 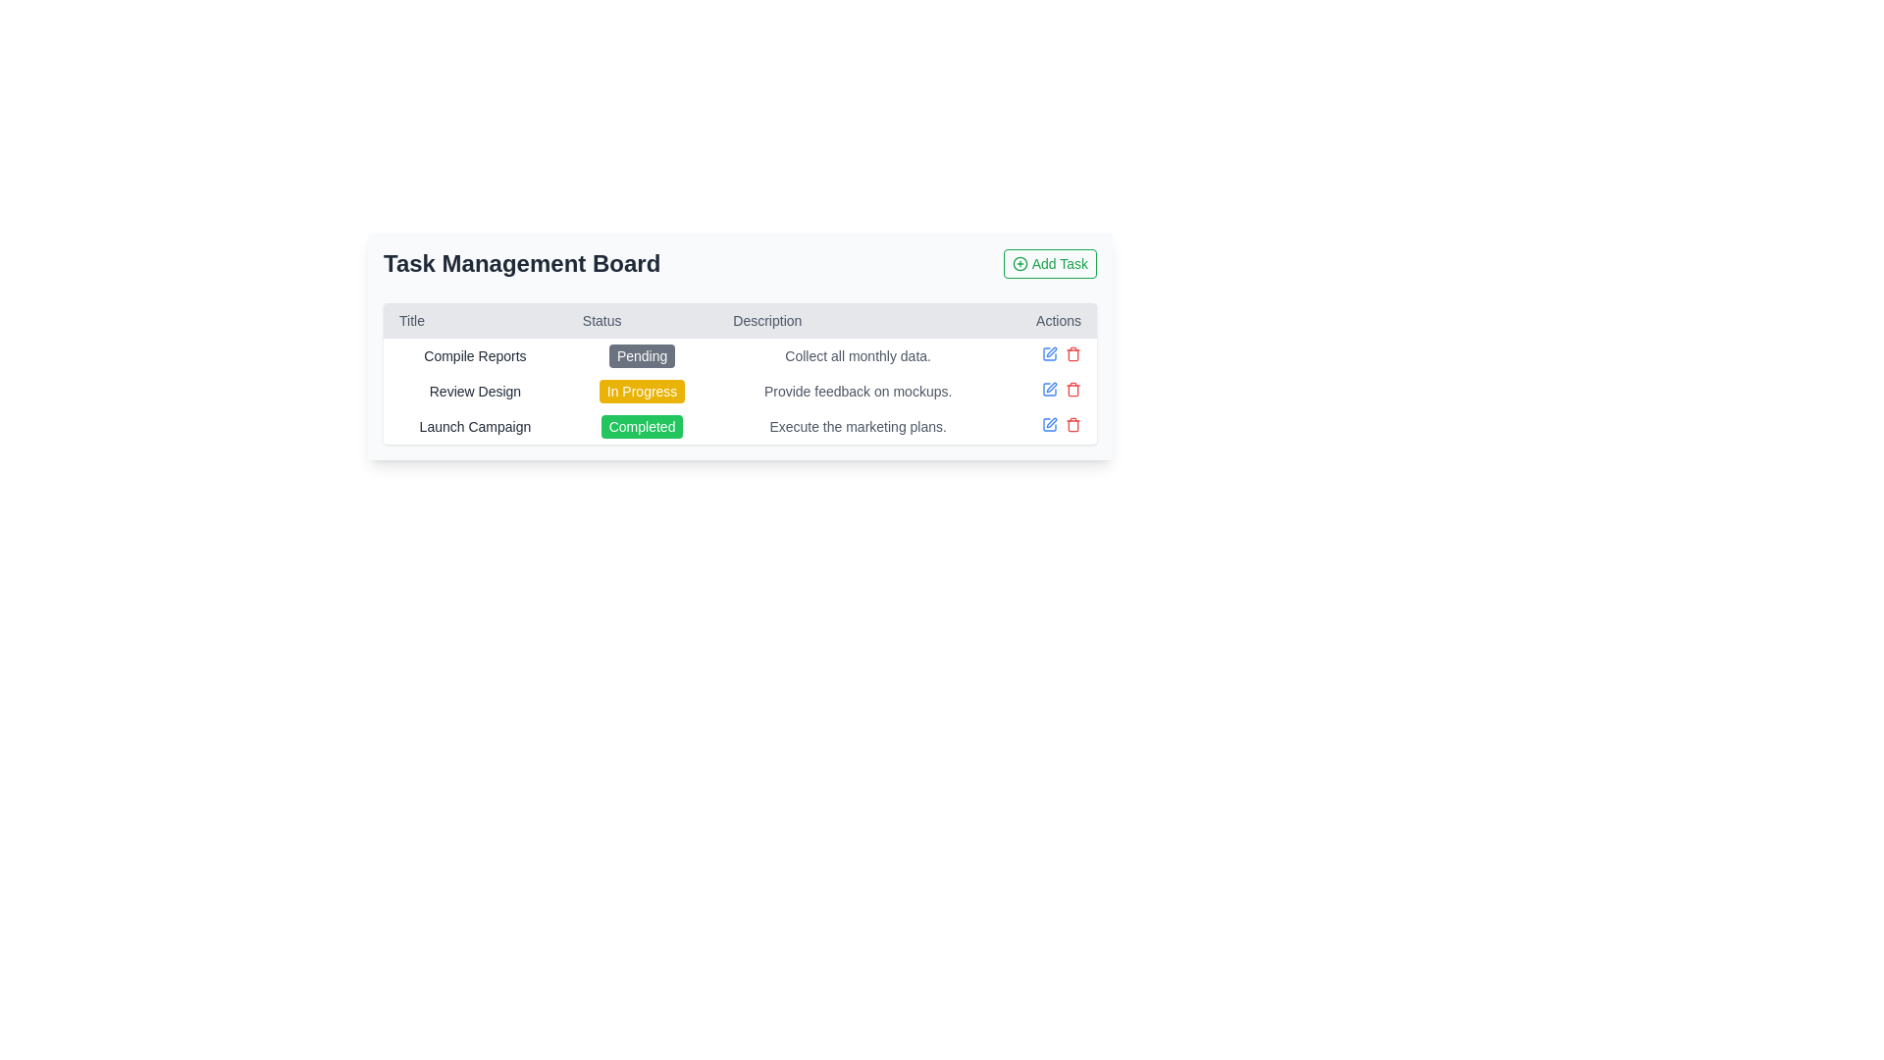 What do you see at coordinates (642, 355) in the screenshot?
I see `the status indicator labeled 'Pending' in the 'Status' column of the 'Compile Reports' row in the task management table` at bounding box center [642, 355].